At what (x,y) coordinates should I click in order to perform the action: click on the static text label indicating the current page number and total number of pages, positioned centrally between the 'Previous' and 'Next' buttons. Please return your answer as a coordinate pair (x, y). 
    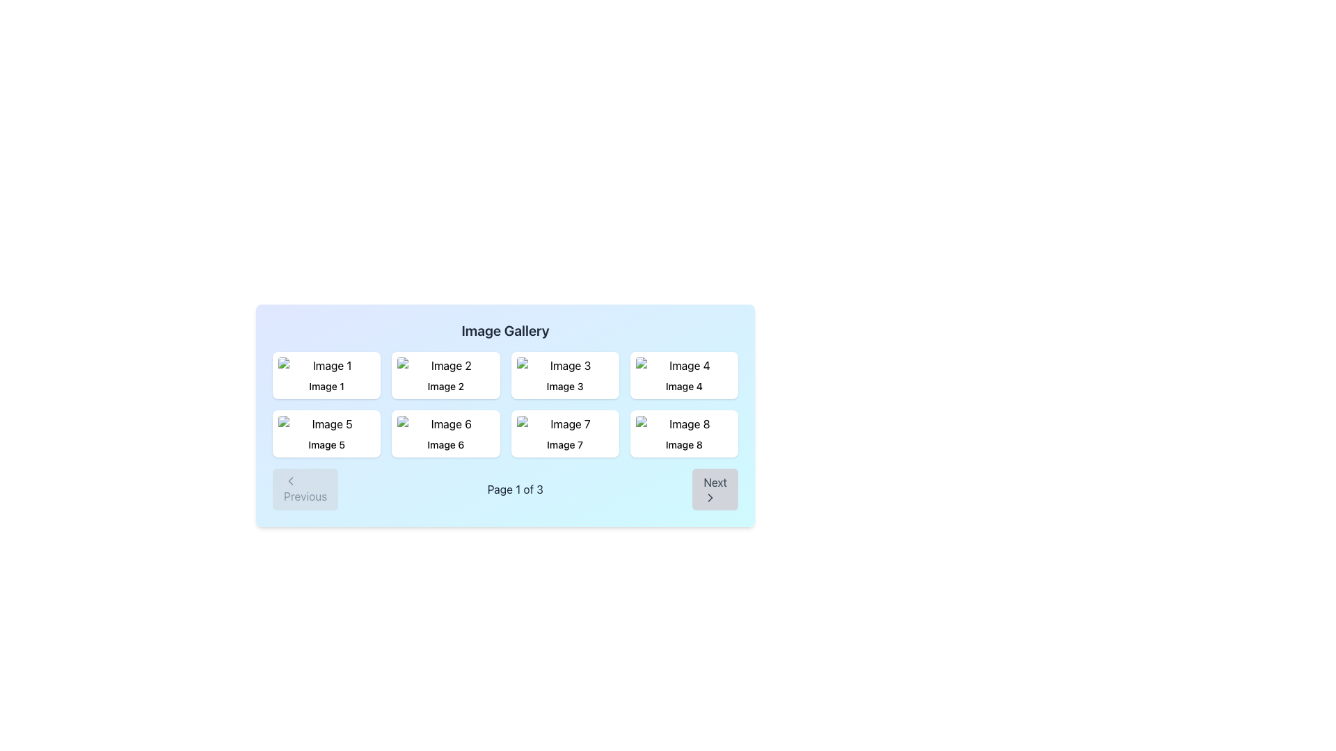
    Looking at the image, I should click on (514, 489).